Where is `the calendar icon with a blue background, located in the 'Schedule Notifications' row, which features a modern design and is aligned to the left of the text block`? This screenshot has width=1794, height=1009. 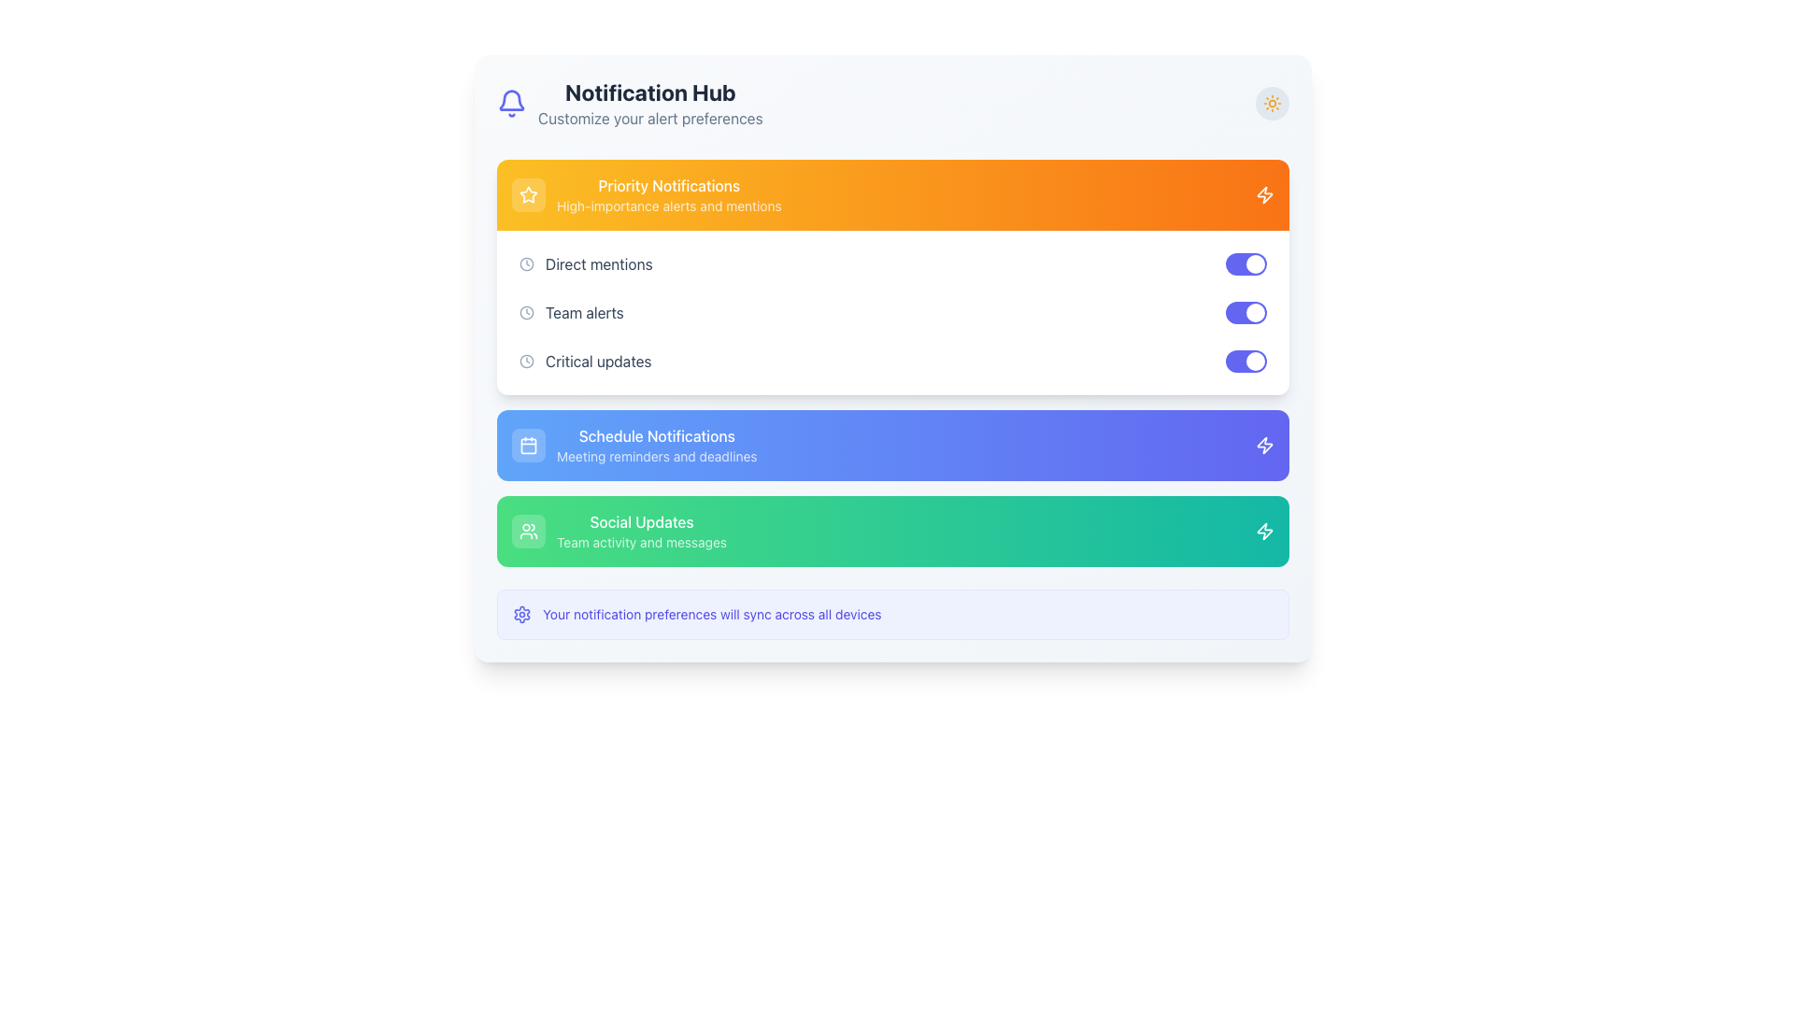
the calendar icon with a blue background, located in the 'Schedule Notifications' row, which features a modern design and is aligned to the left of the text block is located at coordinates (528, 446).